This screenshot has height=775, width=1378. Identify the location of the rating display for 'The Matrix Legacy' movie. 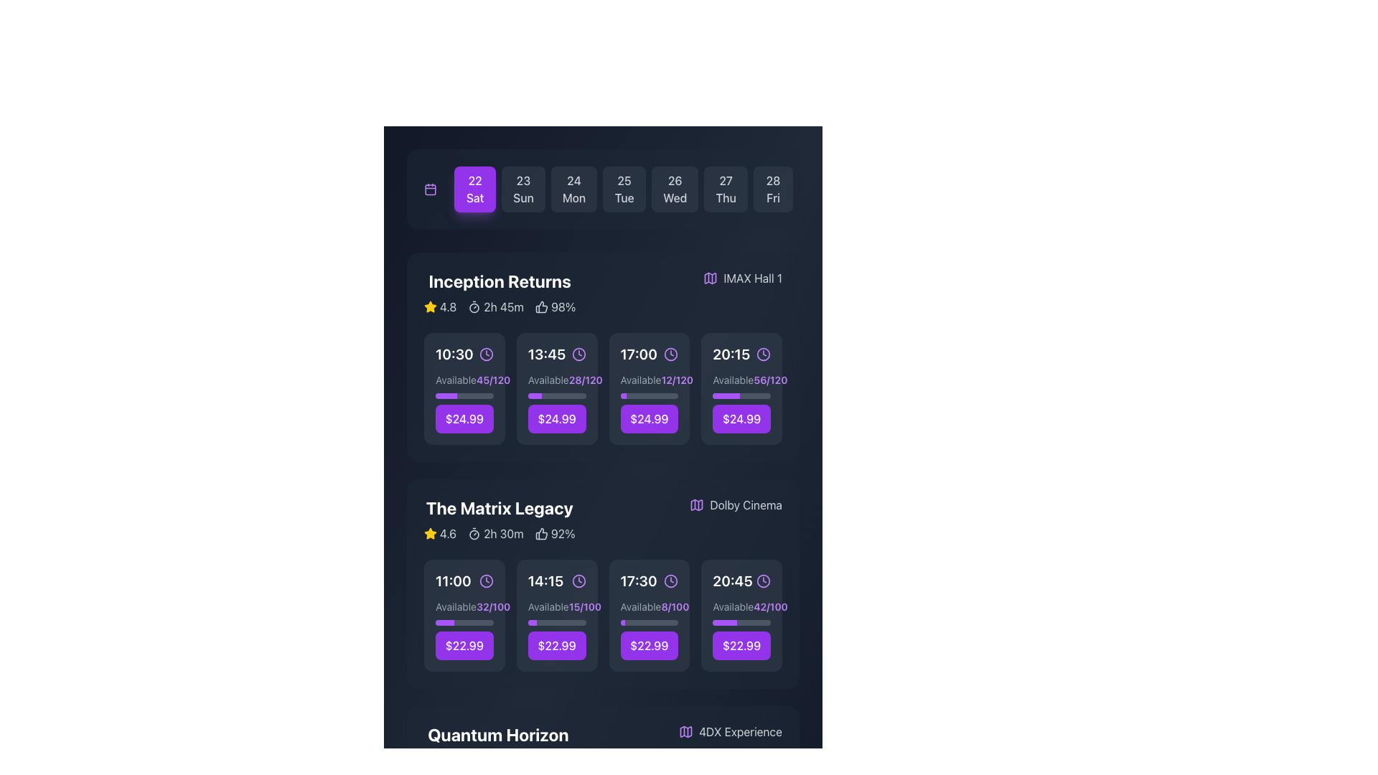
(439, 534).